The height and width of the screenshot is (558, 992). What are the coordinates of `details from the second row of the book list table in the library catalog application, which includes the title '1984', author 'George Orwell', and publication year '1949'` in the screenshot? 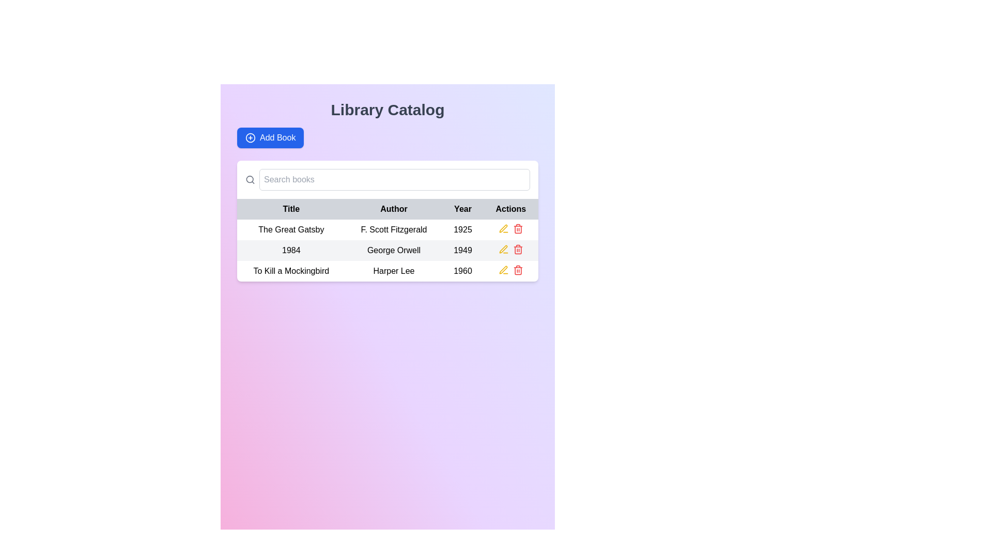 It's located at (387, 251).